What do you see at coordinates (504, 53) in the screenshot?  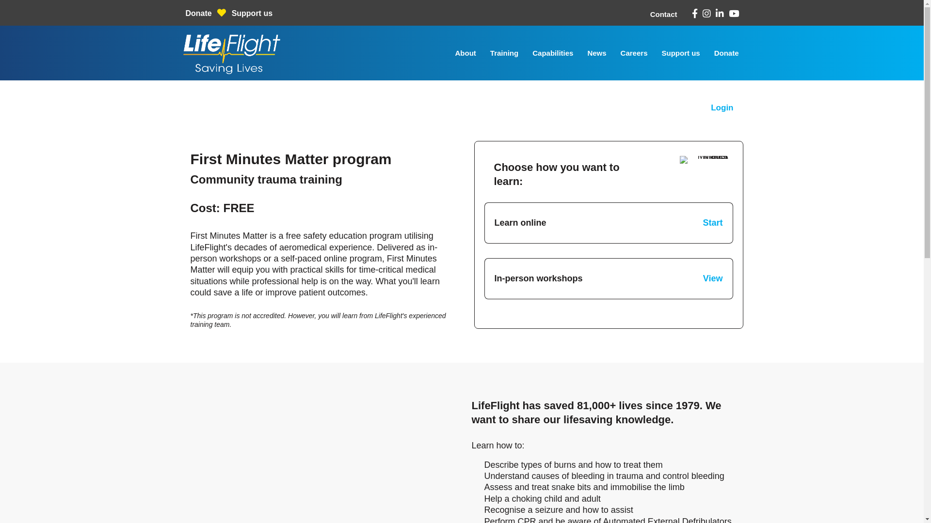 I see `'Training'` at bounding box center [504, 53].